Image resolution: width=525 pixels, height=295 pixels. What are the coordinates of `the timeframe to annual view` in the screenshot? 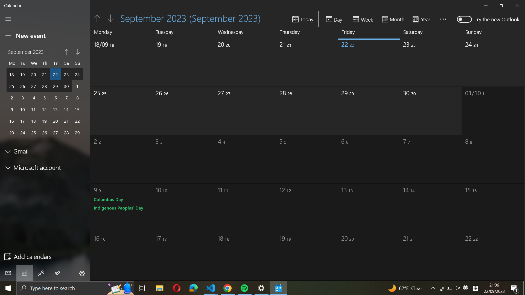 It's located at (423, 19).